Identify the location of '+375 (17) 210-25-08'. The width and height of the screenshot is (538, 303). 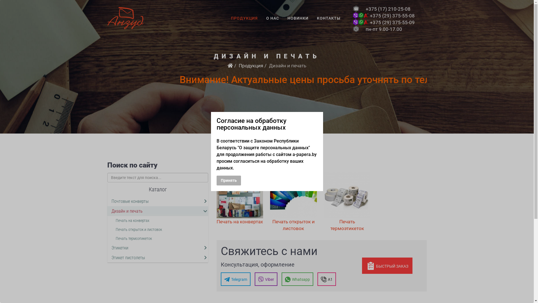
(388, 9).